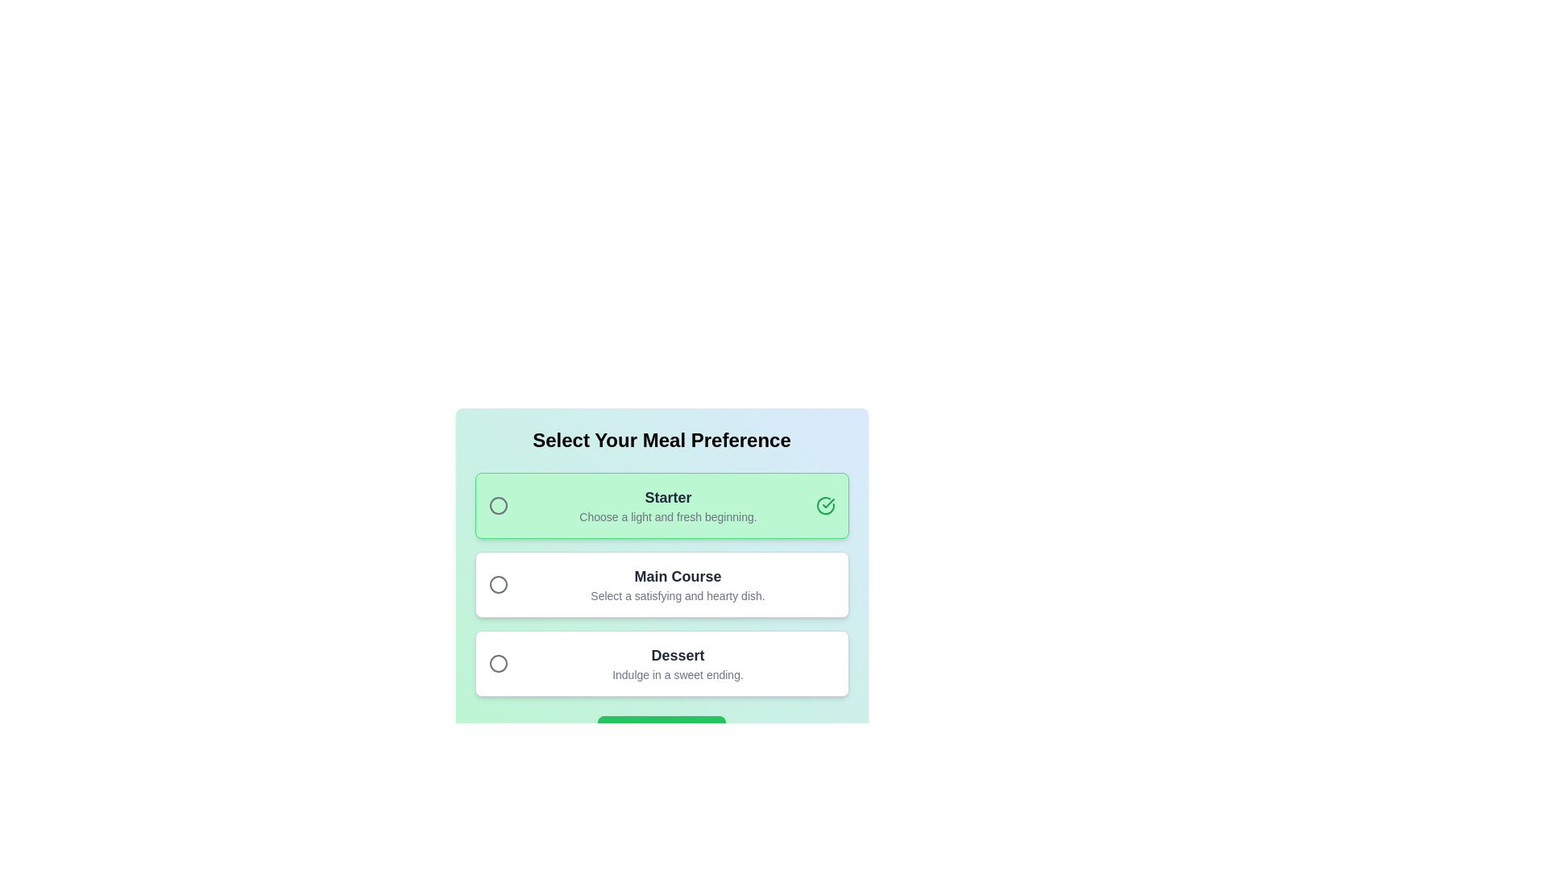 Image resolution: width=1547 pixels, height=870 pixels. Describe the element at coordinates (497, 505) in the screenshot. I see `the graphical icon or circle indicator that represents the selection state within the 'Starter' meal preference option` at that location.